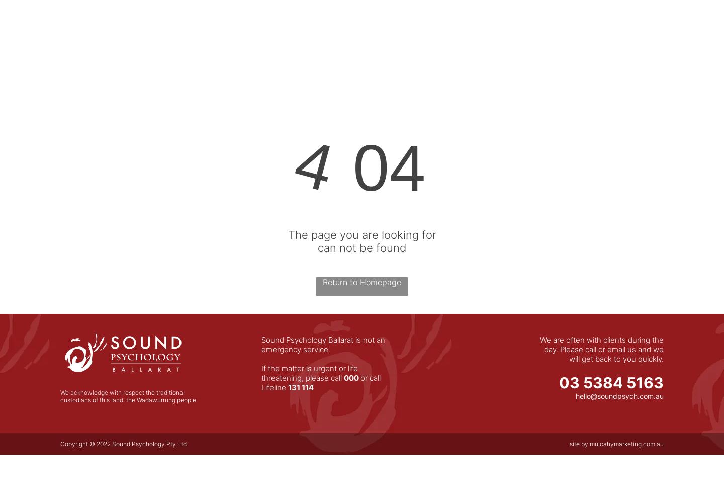  What do you see at coordinates (128, 400) in the screenshot?
I see `'custodians of this land, the Wadawurrung people.'` at bounding box center [128, 400].